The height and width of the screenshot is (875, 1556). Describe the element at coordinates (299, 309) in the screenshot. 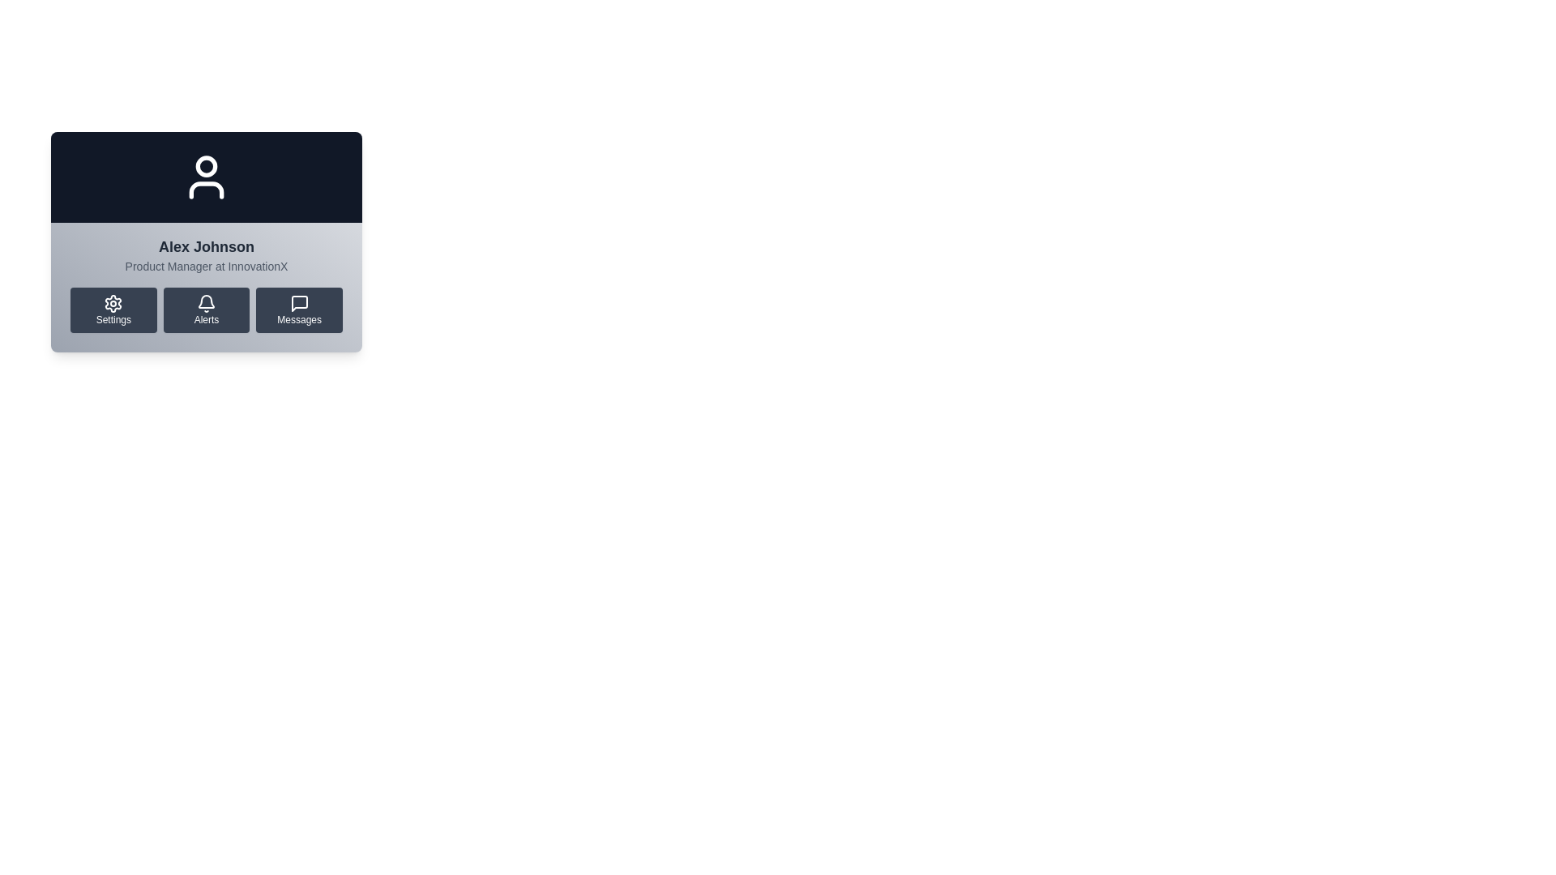

I see `the 'Messages' button, which has a dark gray background, rounded corners, a white message bubble icon, and is the third button in a horizontal row of three buttons` at that location.